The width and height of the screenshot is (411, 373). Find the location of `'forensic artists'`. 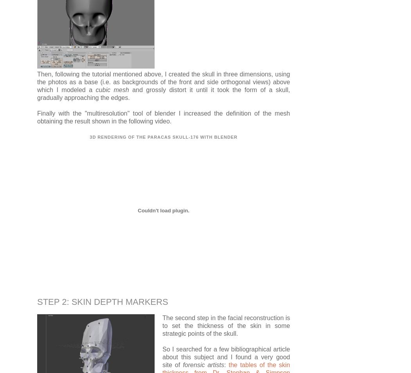

'forensic artists' is located at coordinates (183, 364).